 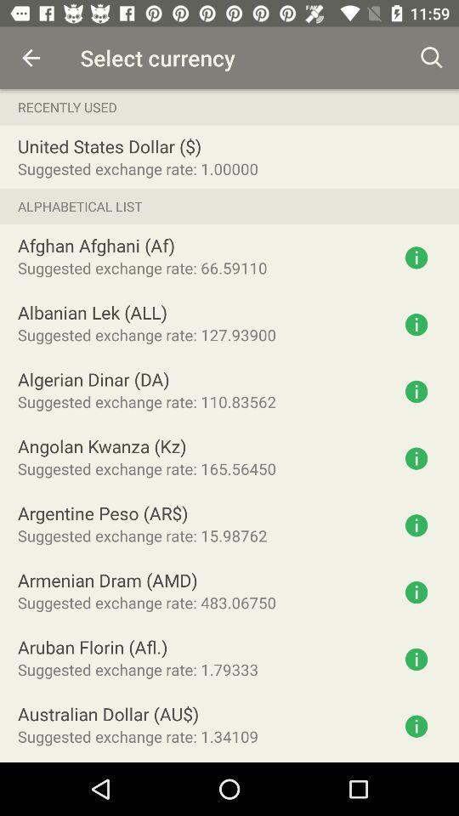 What do you see at coordinates (31, 58) in the screenshot?
I see `go back` at bounding box center [31, 58].